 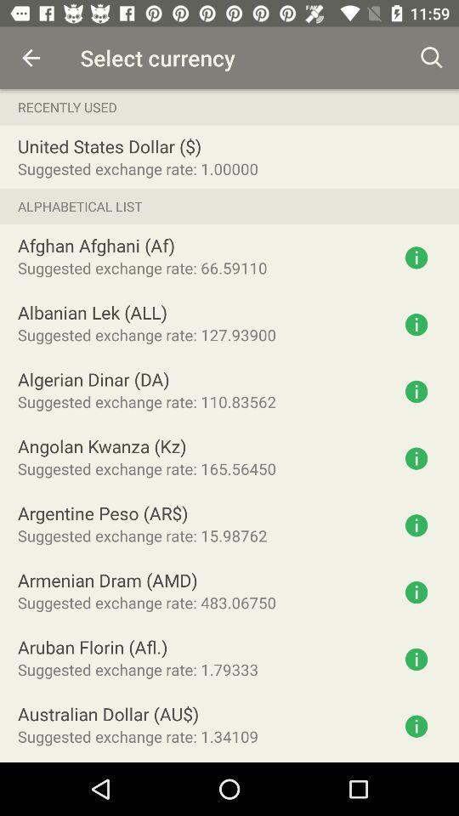 What do you see at coordinates (31, 58) in the screenshot?
I see `go back` at bounding box center [31, 58].